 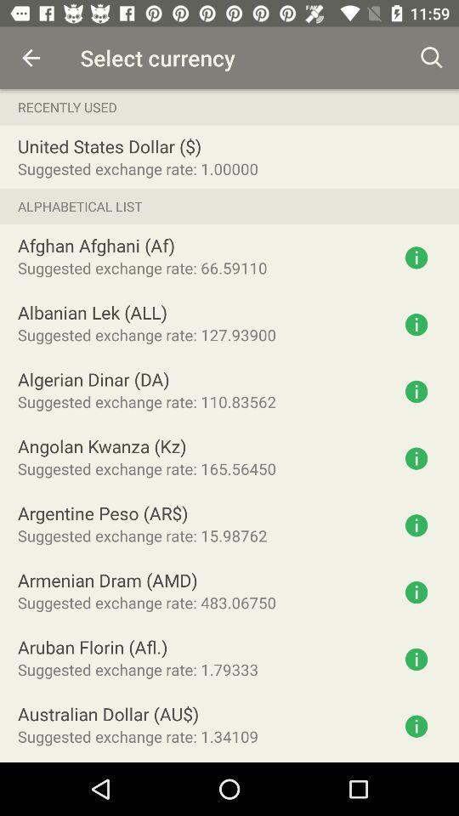 What do you see at coordinates (31, 58) in the screenshot?
I see `go back` at bounding box center [31, 58].